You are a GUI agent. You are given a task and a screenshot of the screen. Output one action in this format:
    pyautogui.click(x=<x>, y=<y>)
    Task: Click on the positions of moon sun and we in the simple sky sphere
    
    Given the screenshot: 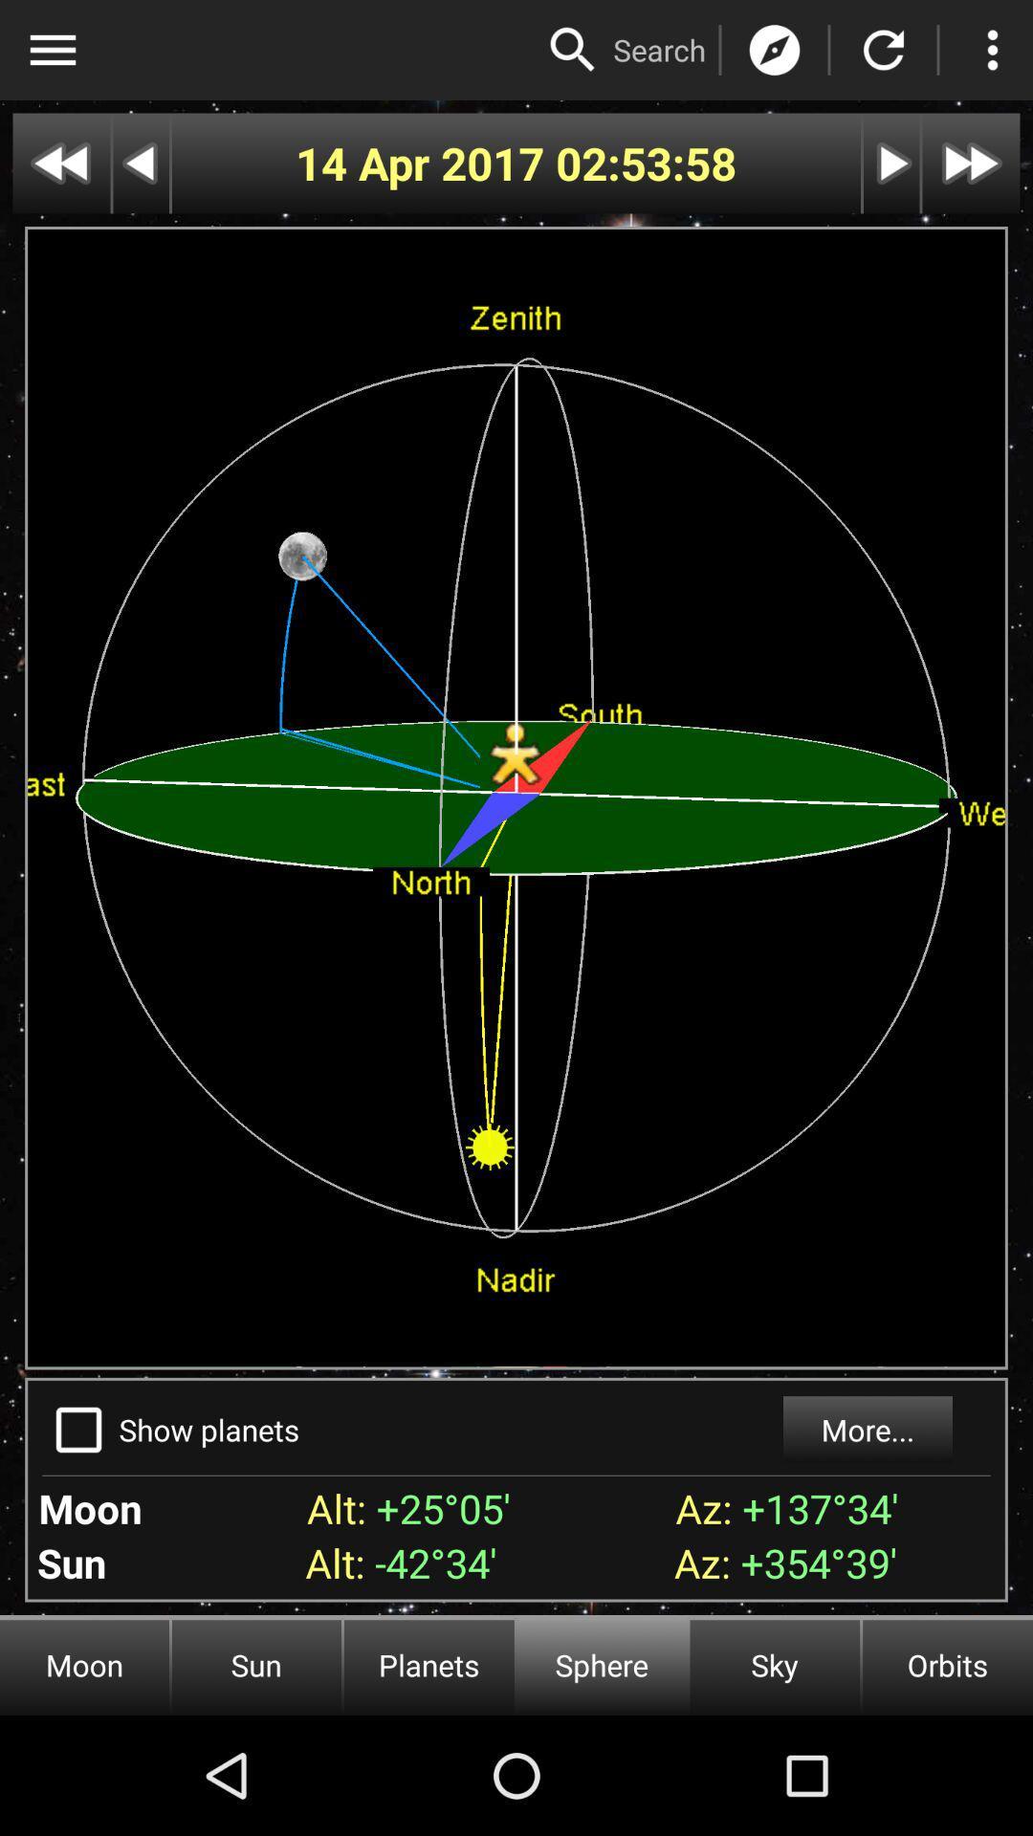 What is the action you would take?
    pyautogui.click(x=884, y=50)
    